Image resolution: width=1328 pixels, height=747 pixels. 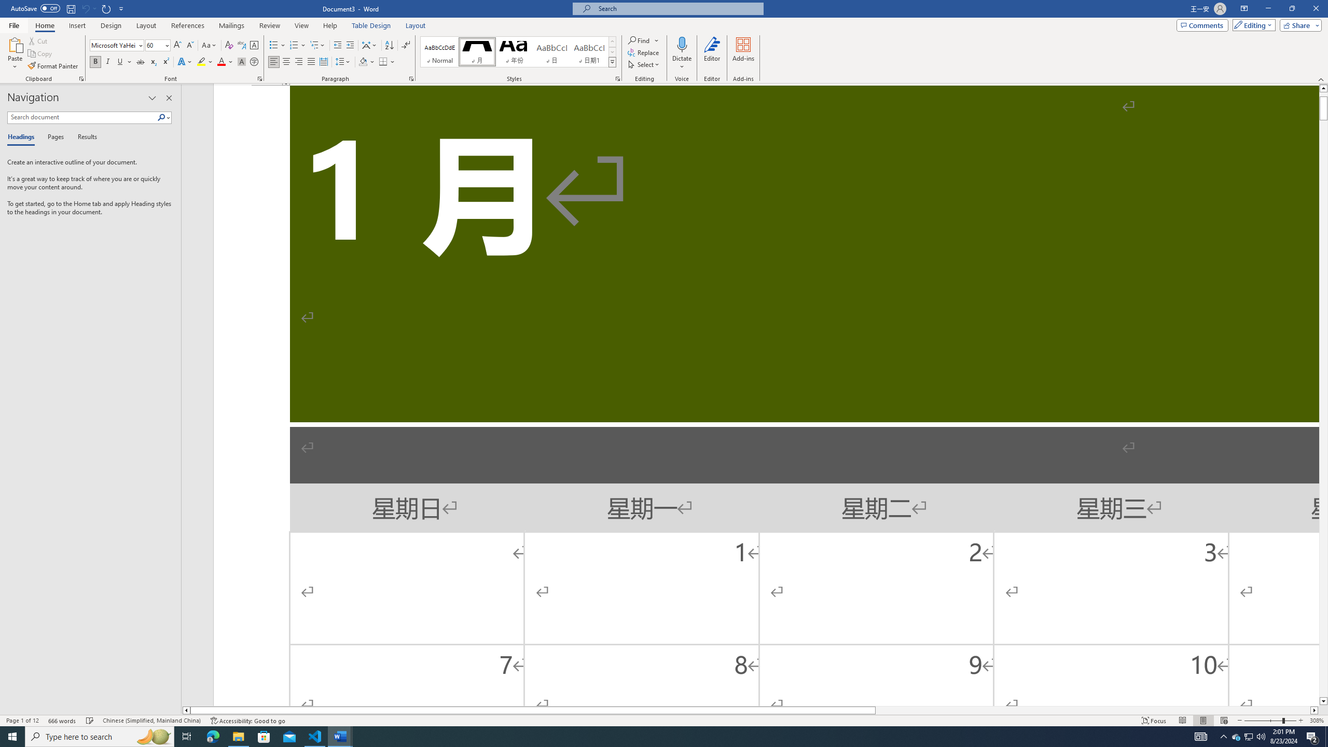 What do you see at coordinates (1323, 701) in the screenshot?
I see `'Line down'` at bounding box center [1323, 701].